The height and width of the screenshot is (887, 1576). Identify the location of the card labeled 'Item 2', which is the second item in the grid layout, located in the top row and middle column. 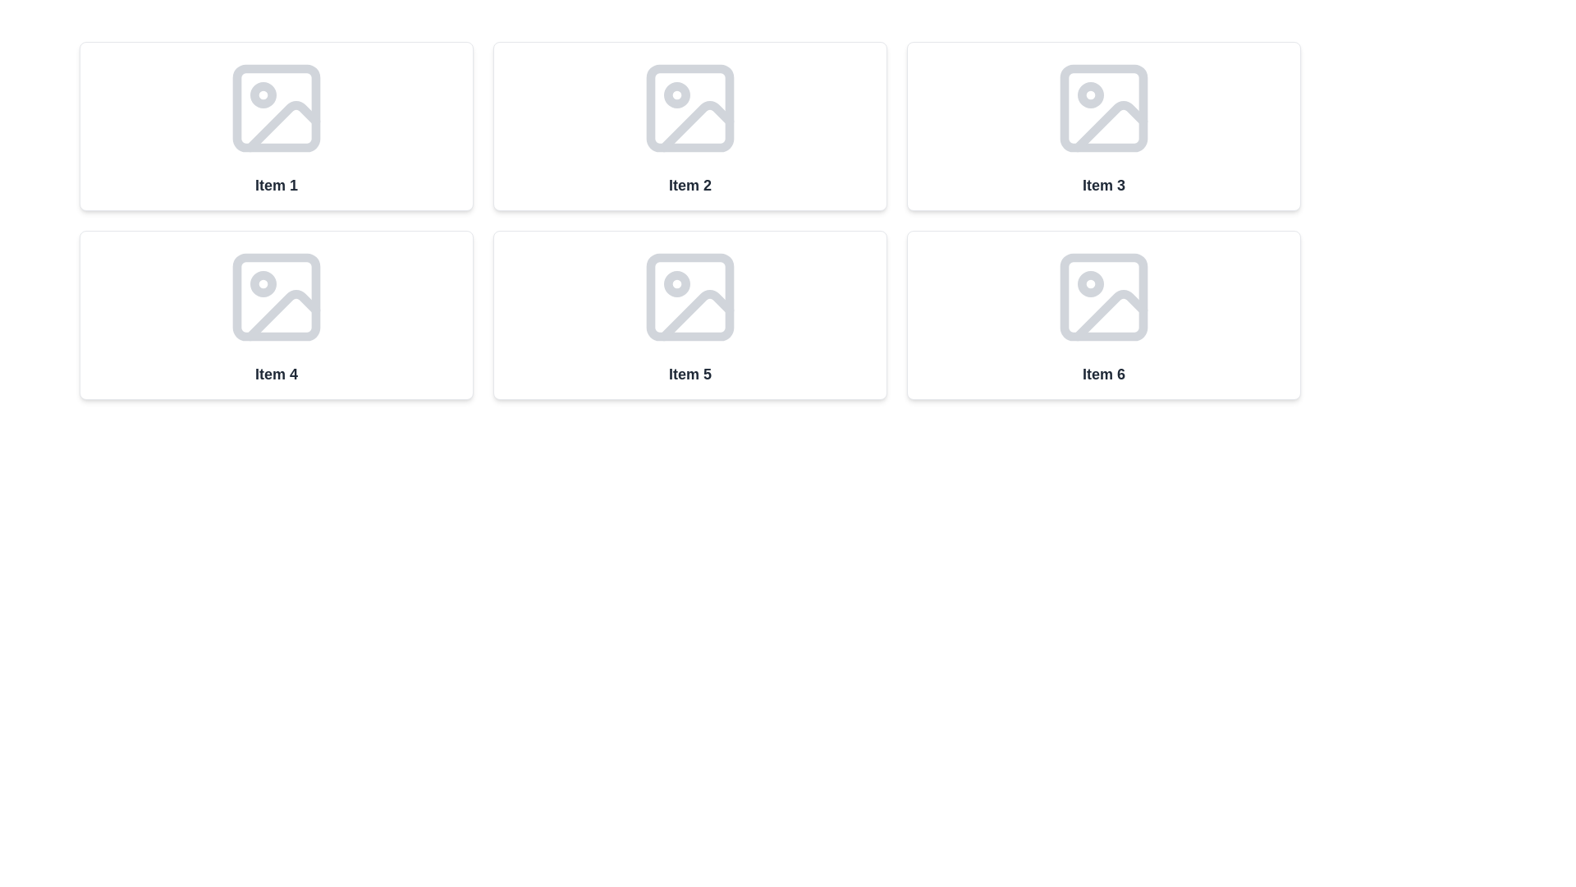
(689, 126).